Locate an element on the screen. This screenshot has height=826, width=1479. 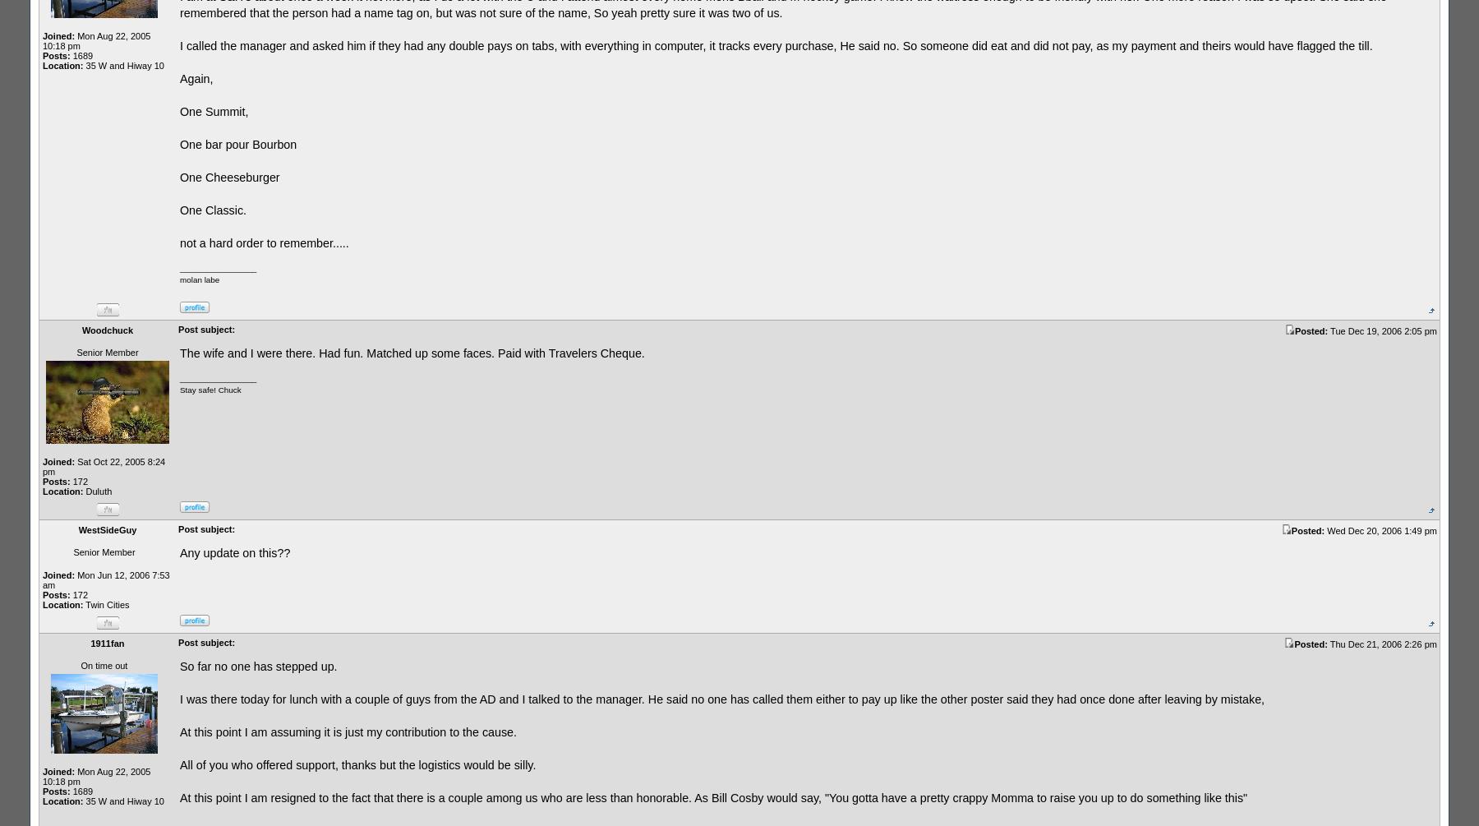
'One Summit,' is located at coordinates (213, 111).